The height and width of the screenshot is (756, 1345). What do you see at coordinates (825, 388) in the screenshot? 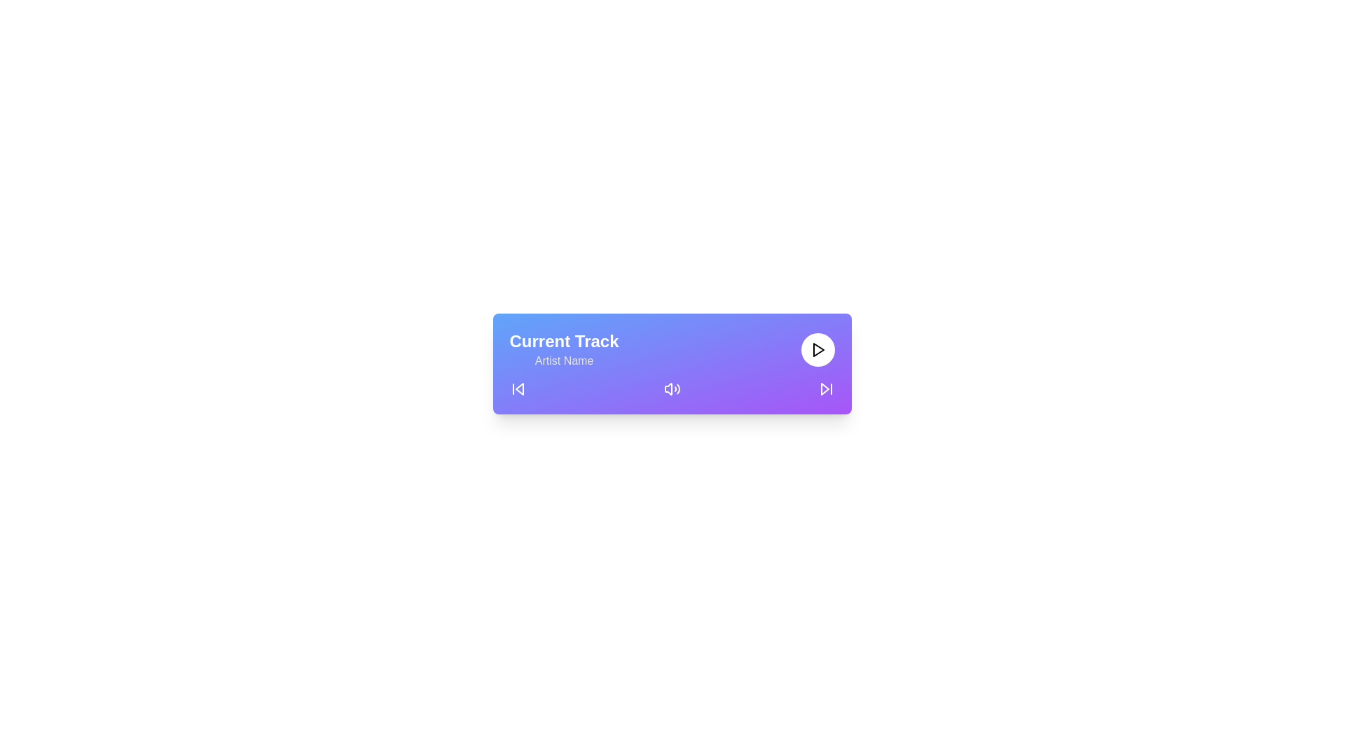
I see `the 'Skip Forward' button located in the bottom-right corner of the media control interface, which is represented by an SVG Icon` at bounding box center [825, 388].